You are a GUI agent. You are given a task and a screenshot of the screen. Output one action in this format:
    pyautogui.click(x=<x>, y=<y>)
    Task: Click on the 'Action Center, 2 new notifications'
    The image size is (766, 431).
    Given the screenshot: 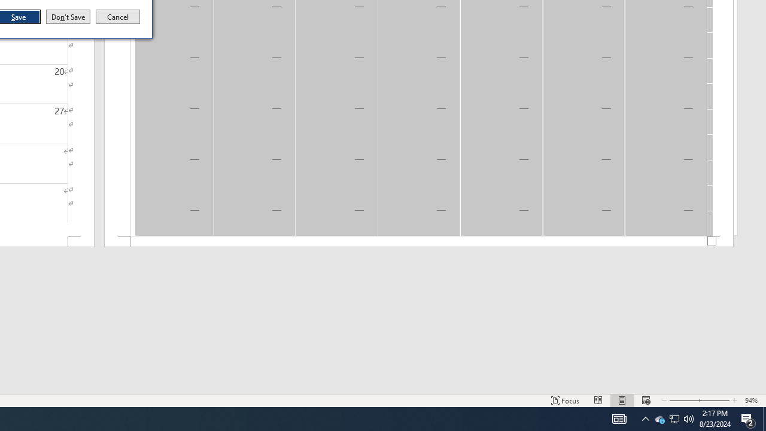 What is the action you would take?
    pyautogui.click(x=748, y=418)
    